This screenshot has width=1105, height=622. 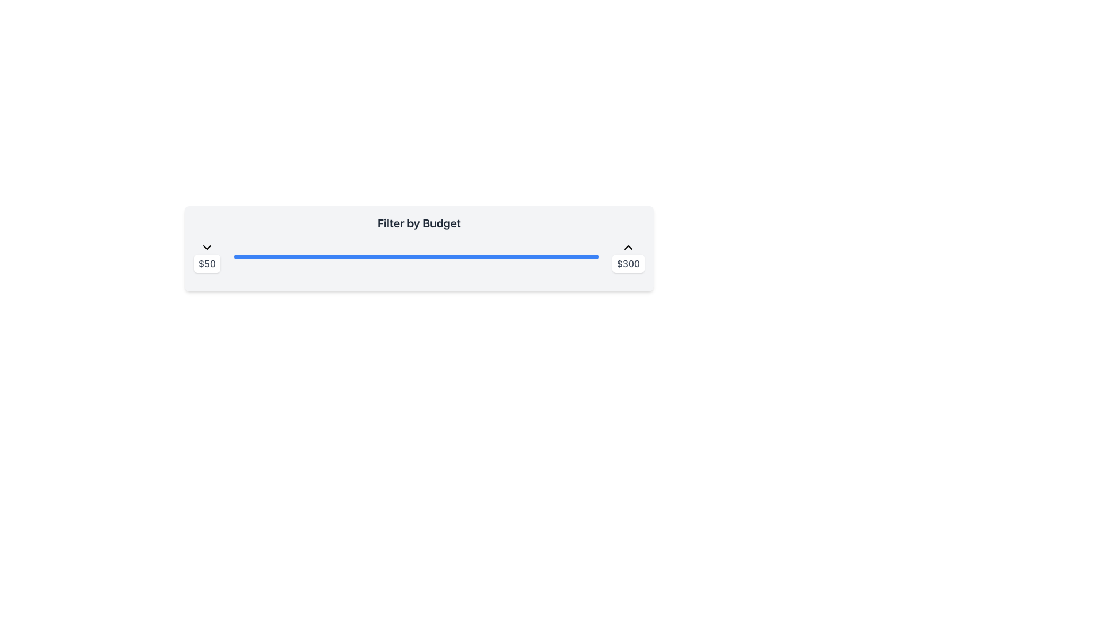 I want to click on the static text display showing '$300', which is located on the right side of the budget filter UI, below an upward-facing arrow icon, so click(x=627, y=264).